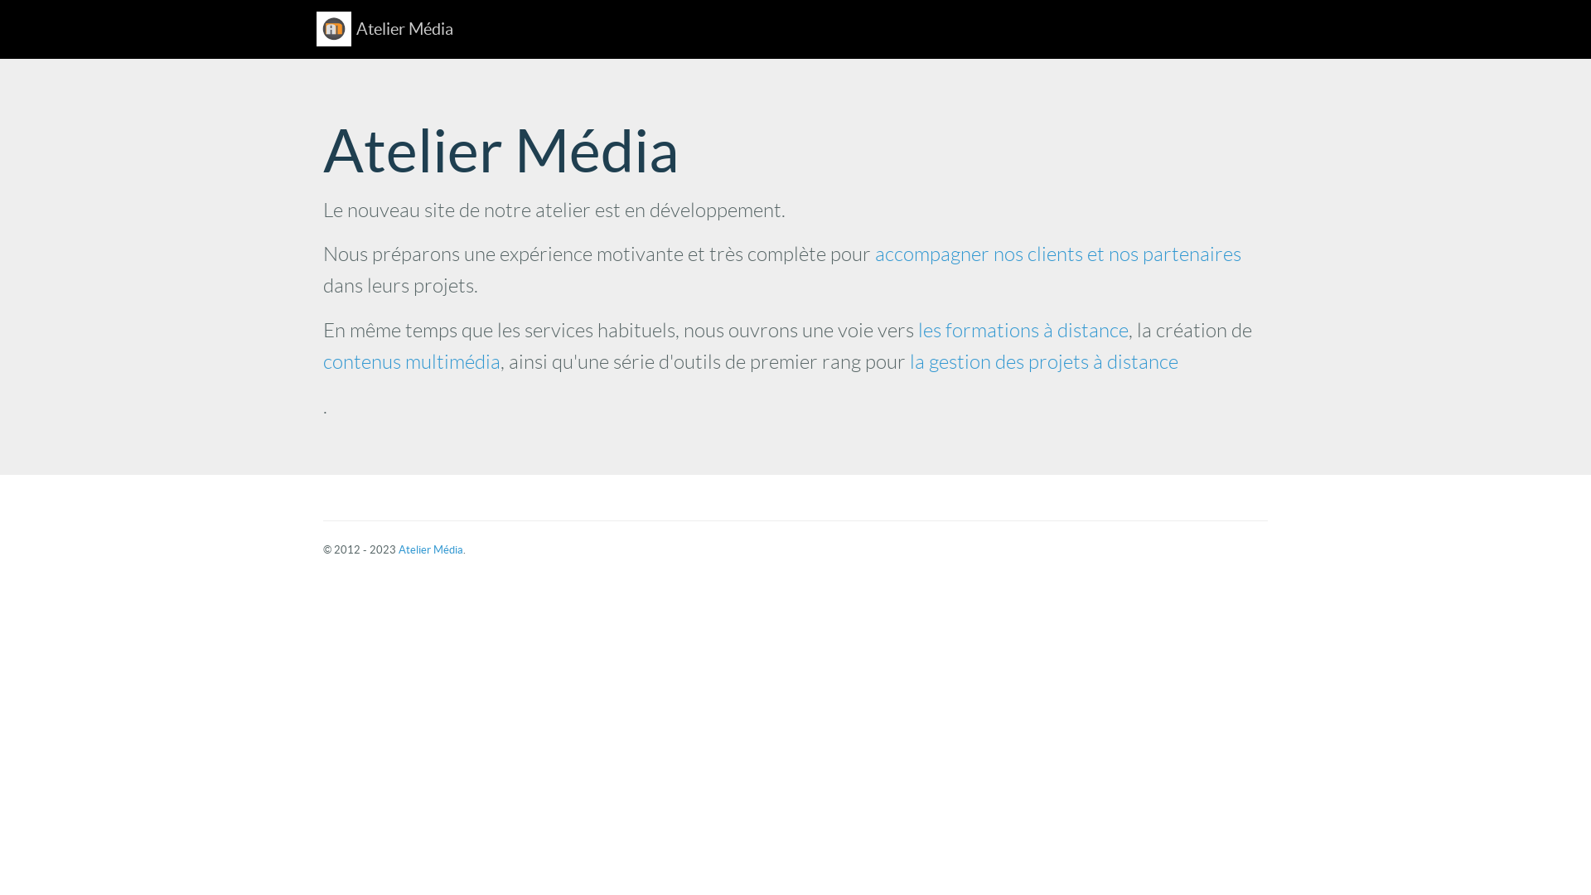 This screenshot has width=1591, height=895. I want to click on 'accompagner nos clients et nos partenaires', so click(1057, 254).